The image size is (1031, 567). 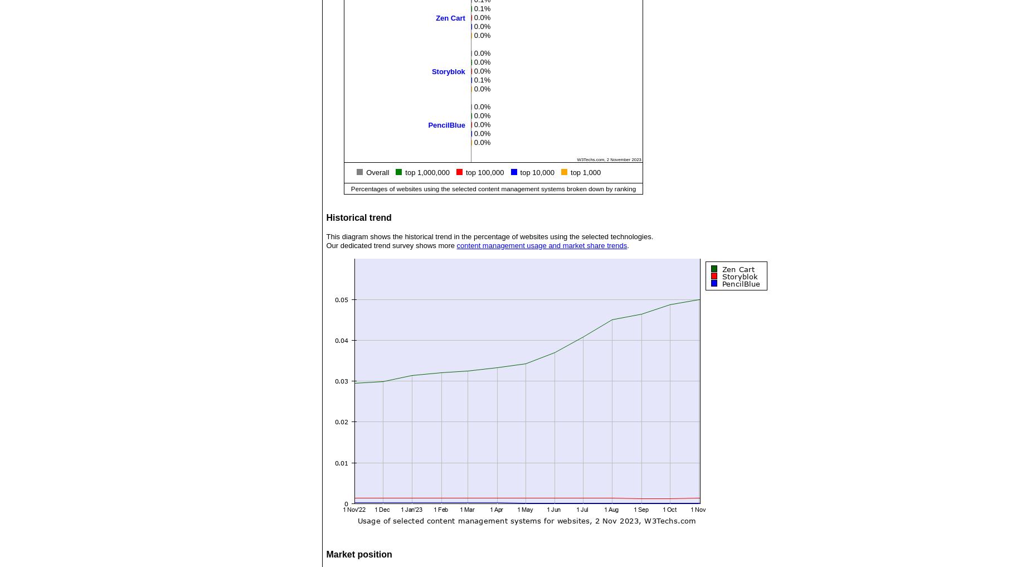 I want to click on 'Storyblok', so click(x=448, y=70).